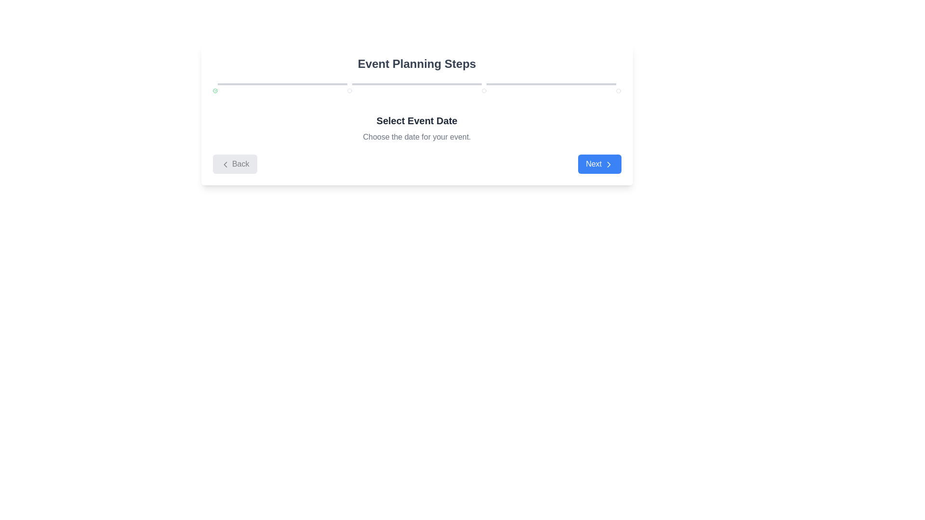 The width and height of the screenshot is (925, 520). Describe the element at coordinates (235, 163) in the screenshot. I see `the navigation button located in the bottom-left area of the interface, which is the first button in a horizontal layout shared with the 'Next' button on its right` at that location.